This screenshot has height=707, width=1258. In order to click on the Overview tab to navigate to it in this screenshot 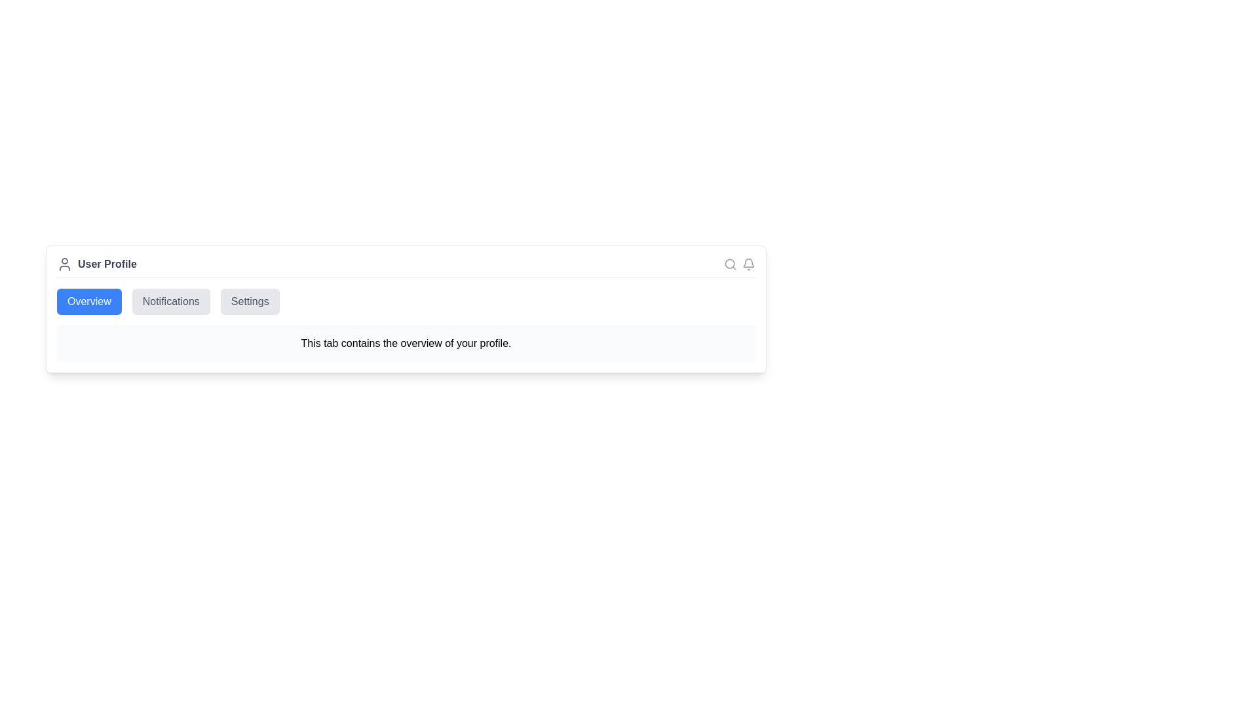, I will do `click(88, 302)`.